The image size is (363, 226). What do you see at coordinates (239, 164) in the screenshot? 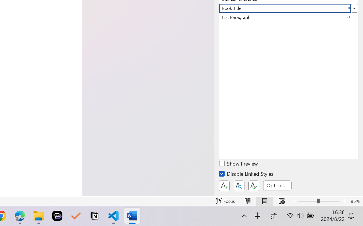
I see `'Show Preview'` at bounding box center [239, 164].